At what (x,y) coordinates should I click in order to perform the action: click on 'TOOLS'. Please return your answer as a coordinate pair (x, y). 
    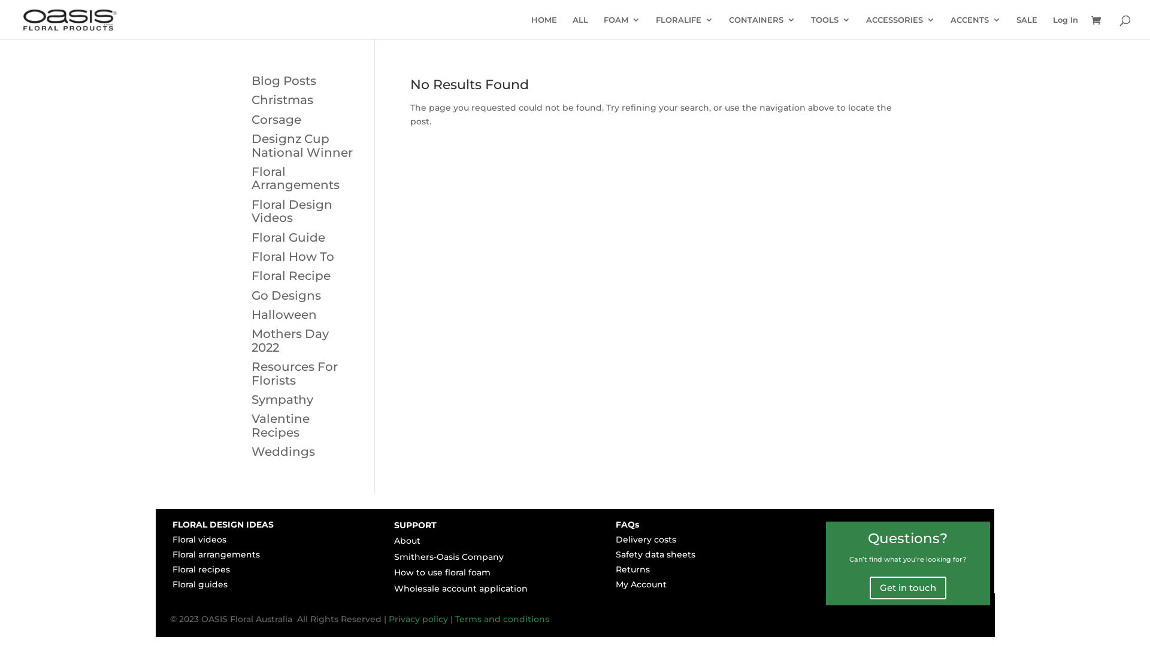
    Looking at the image, I should click on (830, 27).